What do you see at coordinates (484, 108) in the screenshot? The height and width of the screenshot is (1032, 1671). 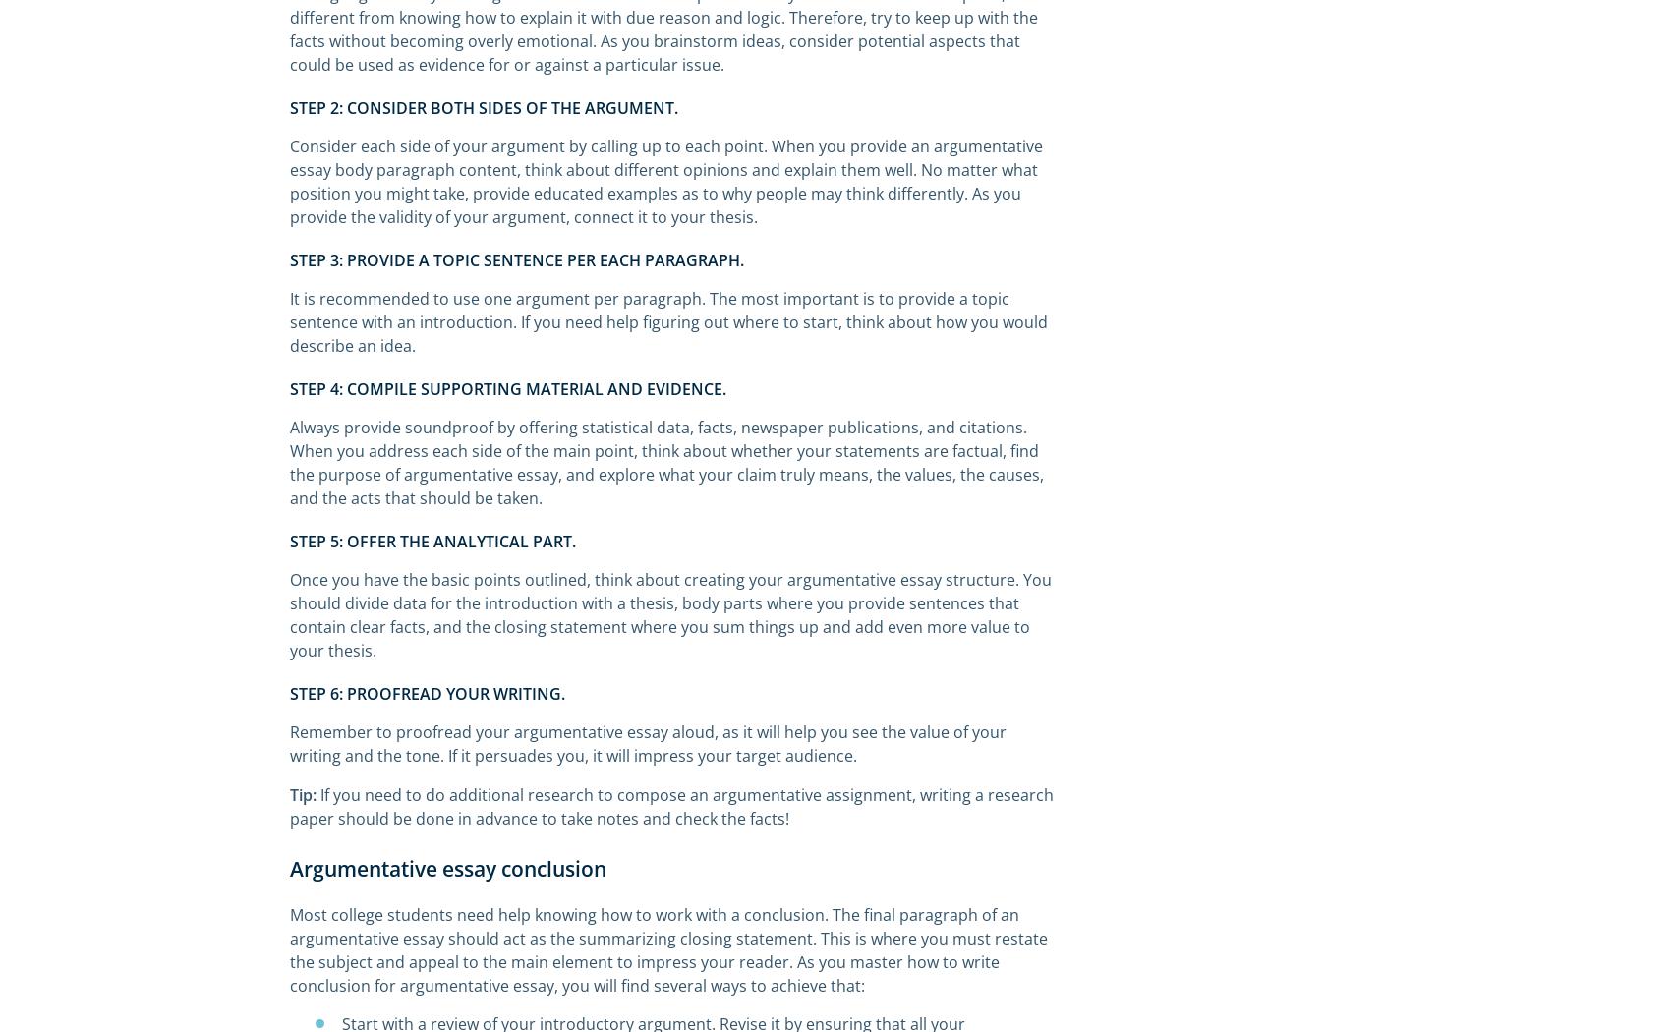 I see `'Step 2: Consider both sides of the argument.'` at bounding box center [484, 108].